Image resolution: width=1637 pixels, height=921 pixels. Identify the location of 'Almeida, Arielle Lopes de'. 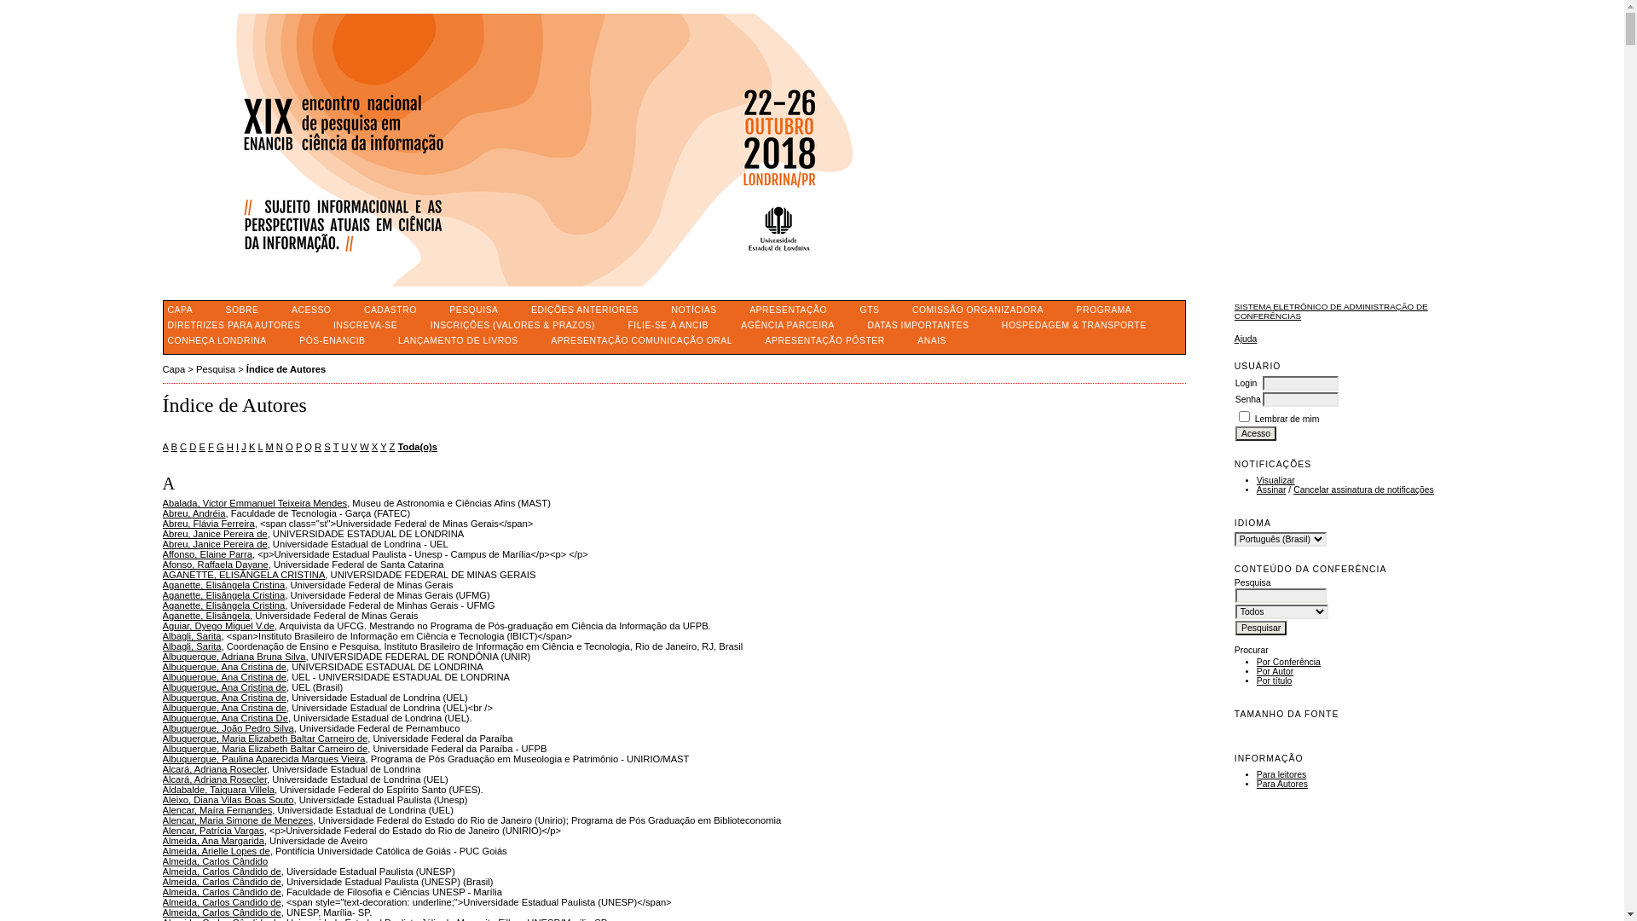
(215, 851).